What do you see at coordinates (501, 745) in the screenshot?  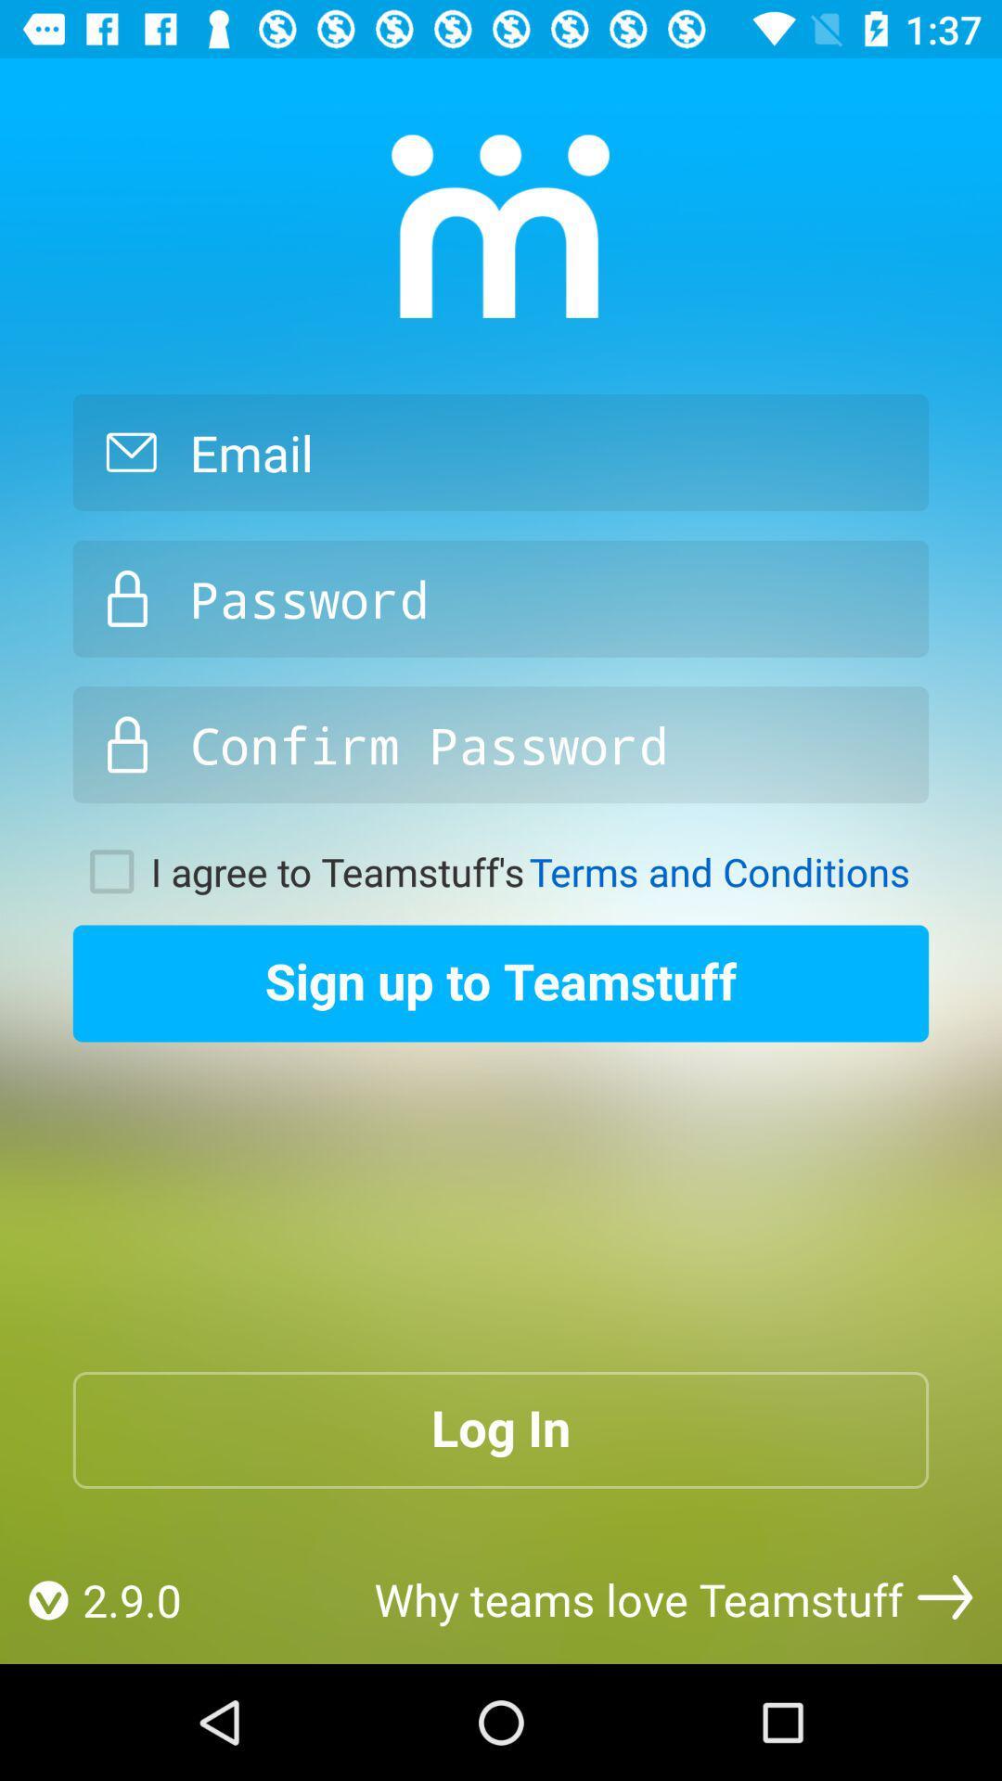 I see `creat password` at bounding box center [501, 745].